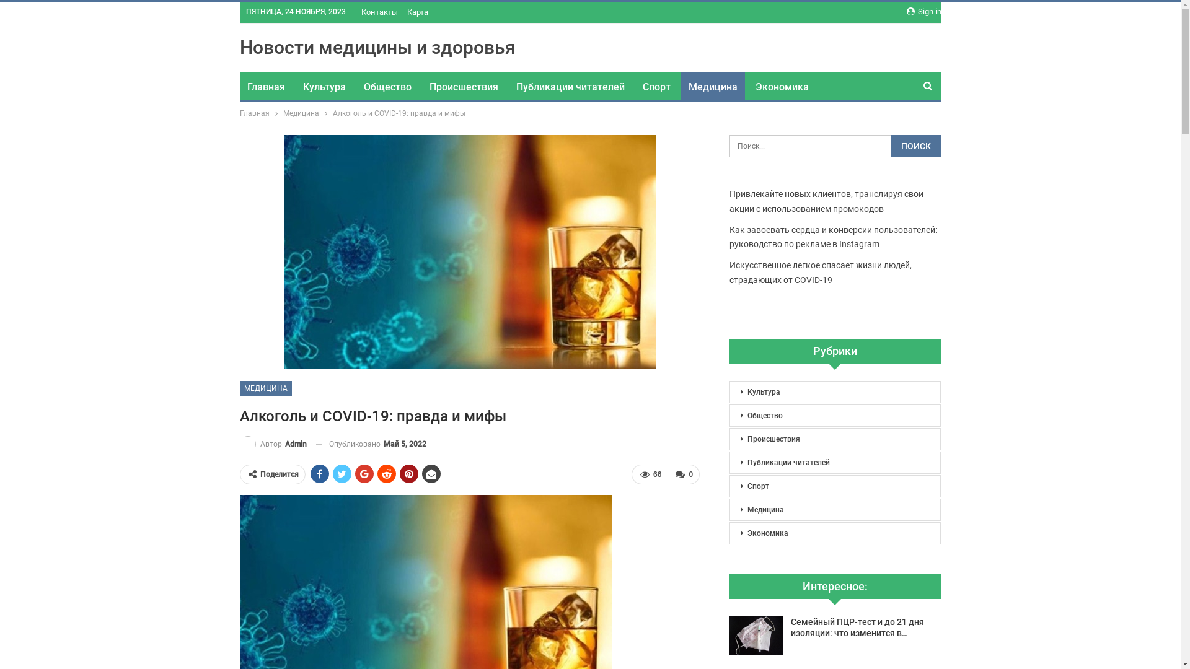 The height and width of the screenshot is (669, 1190). Describe the element at coordinates (923, 12) in the screenshot. I see `'Sign in'` at that location.